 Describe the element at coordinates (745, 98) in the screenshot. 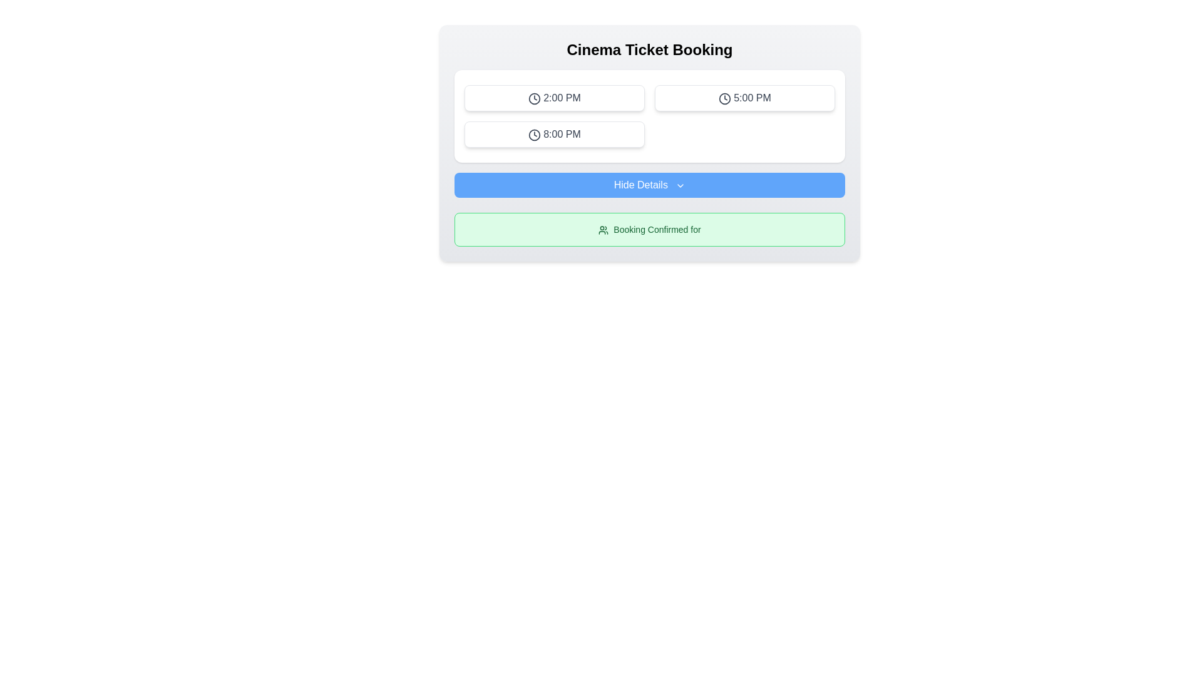

I see `the button labeled '5:00 PM' which is the second button in a grid layout of time options, positioned to the right of the '2:00 PM' button and above the '8:00 PM' button` at that location.